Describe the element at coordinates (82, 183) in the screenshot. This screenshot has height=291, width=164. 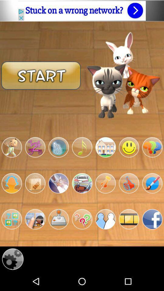
I see `comics` at that location.